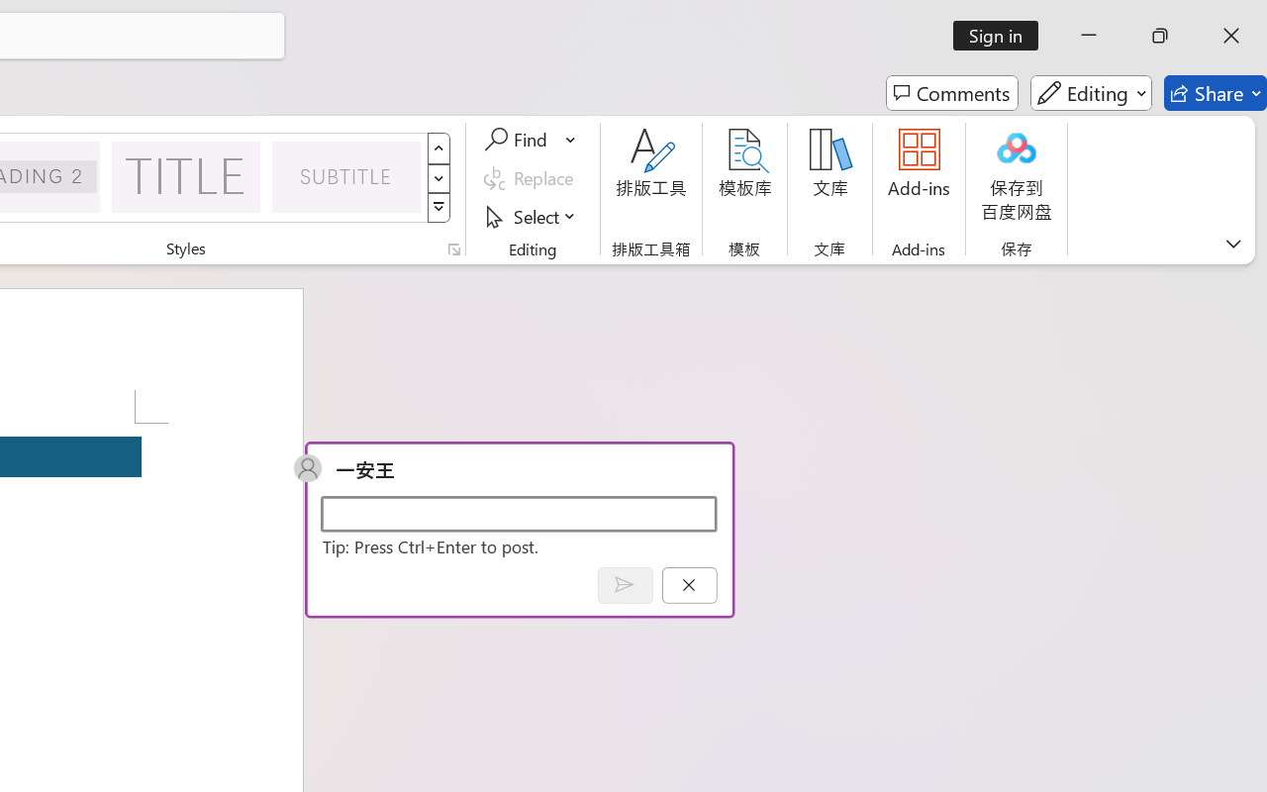 This screenshot has width=1267, height=792. Describe the element at coordinates (689, 584) in the screenshot. I see `'Cancel'` at that location.